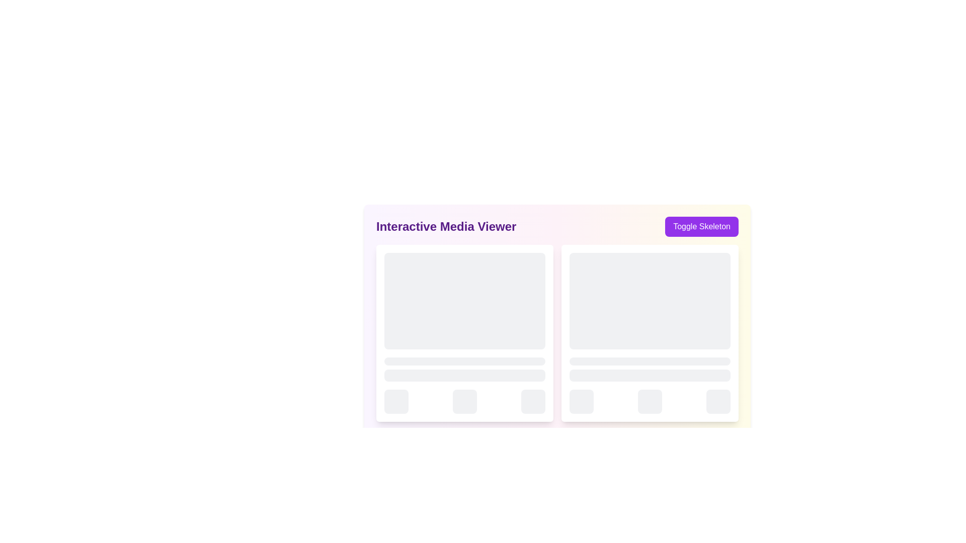  Describe the element at coordinates (464, 376) in the screenshot. I see `the loading indicator, which is a horizontally-elongated rectangular block with rounded corners, light gray color, and a pulsating animation, positioned as the second item in a vertical stack` at that location.